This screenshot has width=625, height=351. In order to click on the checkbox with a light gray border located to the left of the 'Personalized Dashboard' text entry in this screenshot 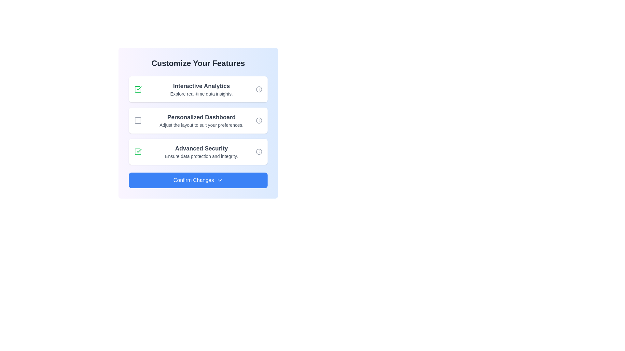, I will do `click(137, 120)`.